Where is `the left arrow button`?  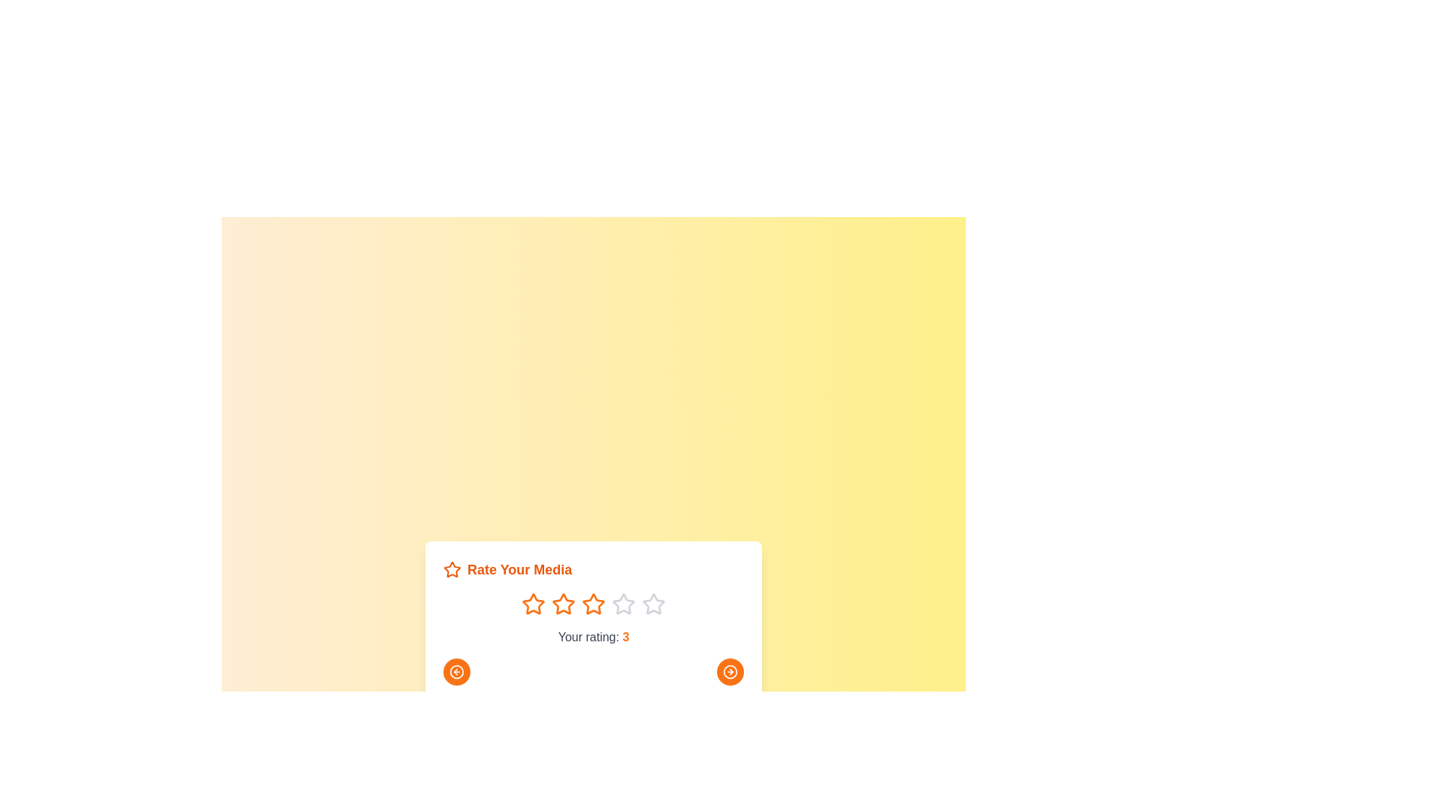 the left arrow button is located at coordinates (456, 671).